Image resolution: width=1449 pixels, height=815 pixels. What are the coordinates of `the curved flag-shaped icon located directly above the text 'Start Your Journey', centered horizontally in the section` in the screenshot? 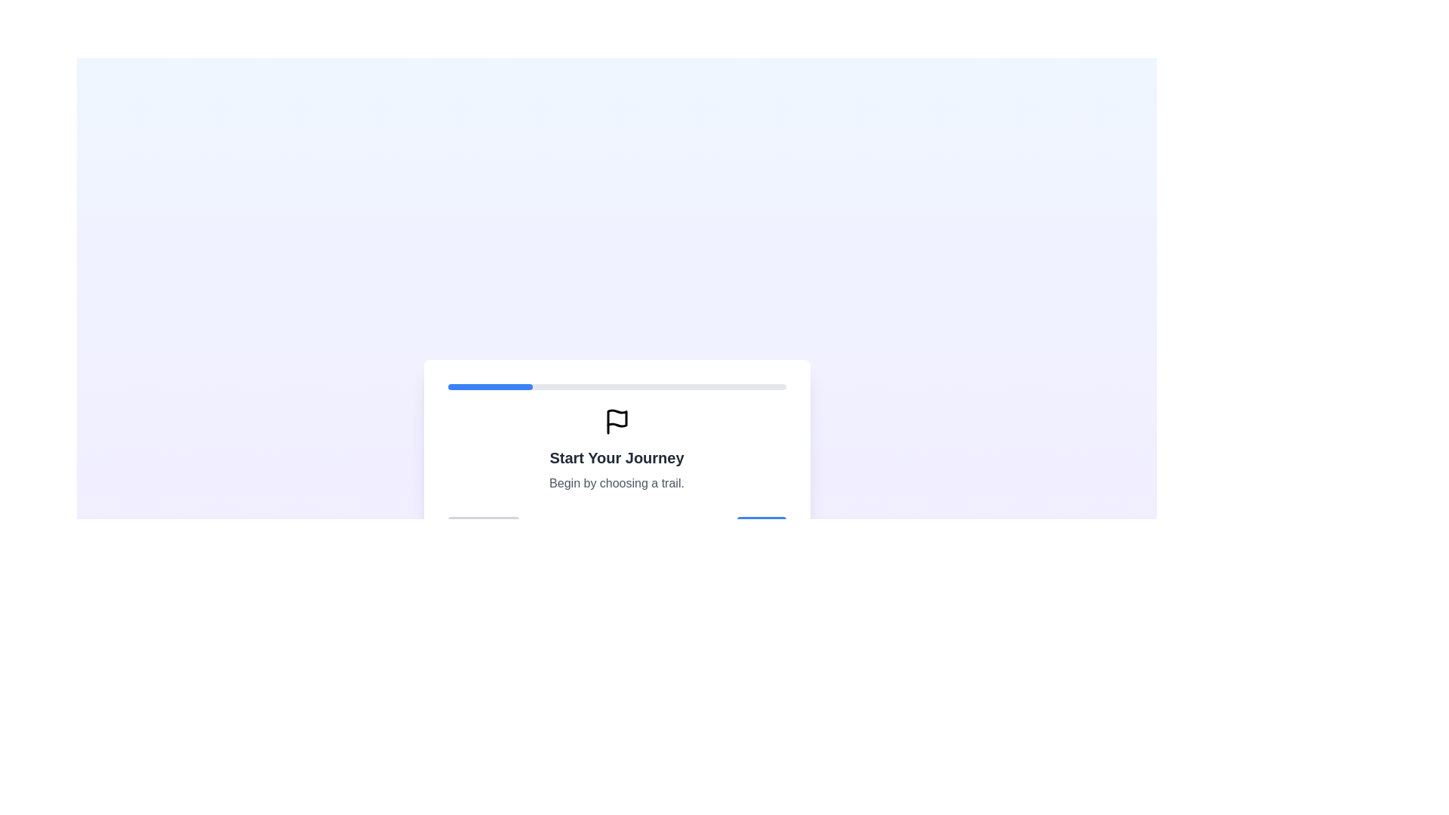 It's located at (617, 418).